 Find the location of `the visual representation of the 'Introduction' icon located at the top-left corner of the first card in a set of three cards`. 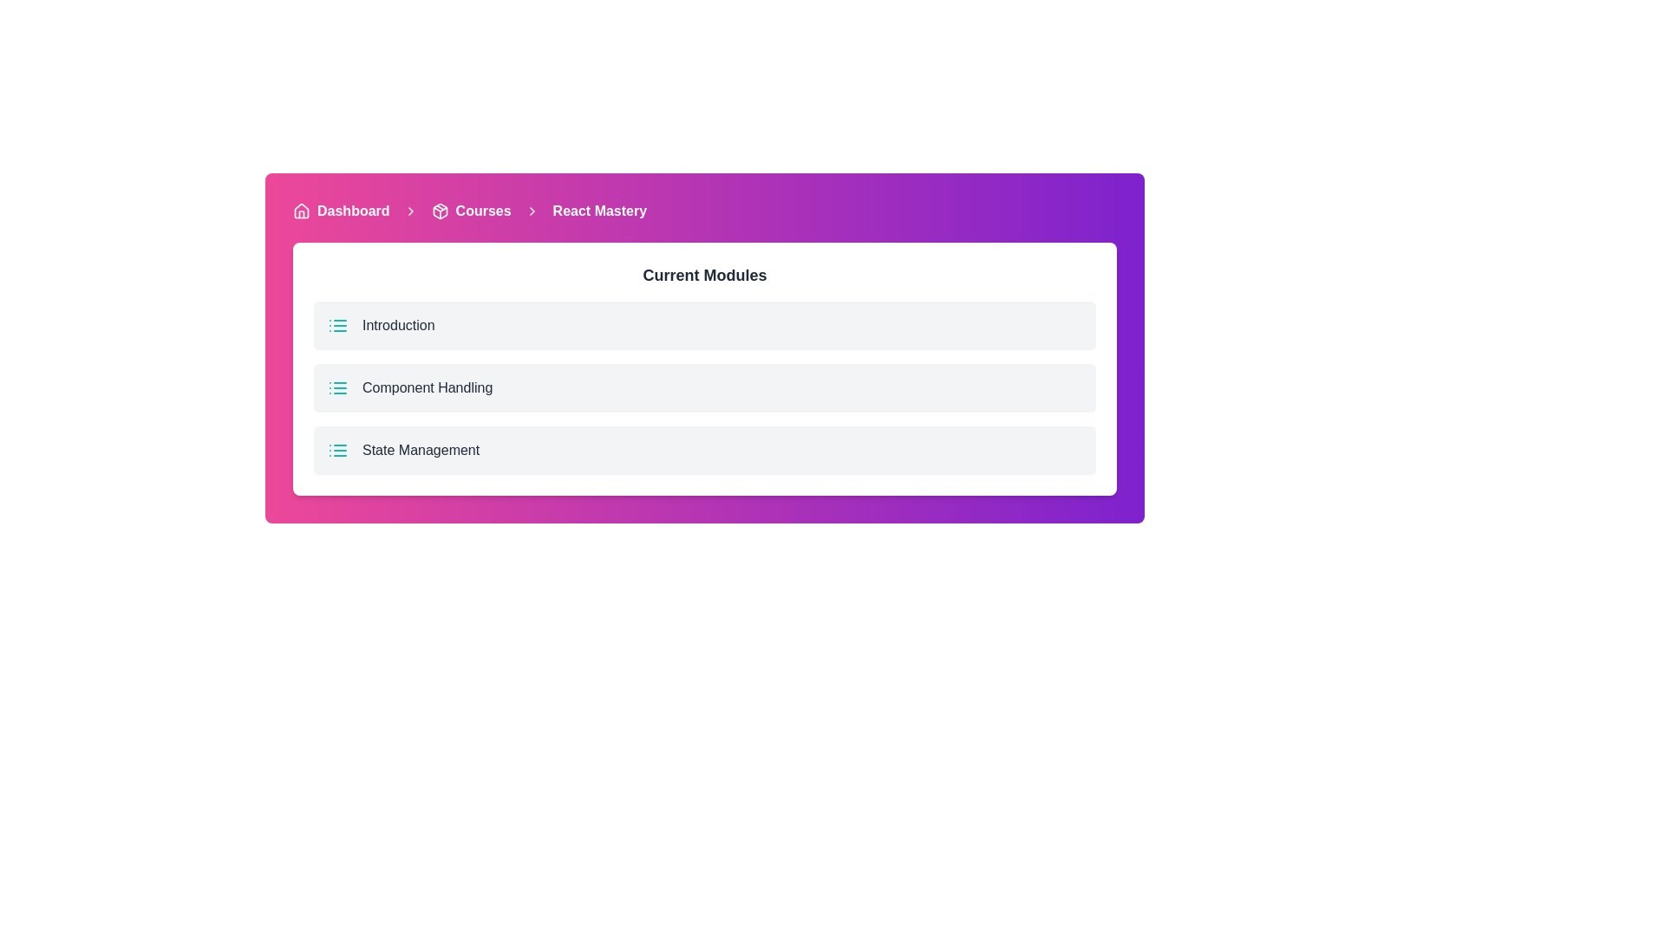

the visual representation of the 'Introduction' icon located at the top-left corner of the first card in a set of three cards is located at coordinates (337, 325).